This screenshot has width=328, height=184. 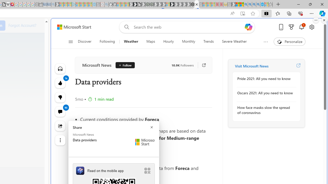 I want to click on 'Maps', so click(x=150, y=41).